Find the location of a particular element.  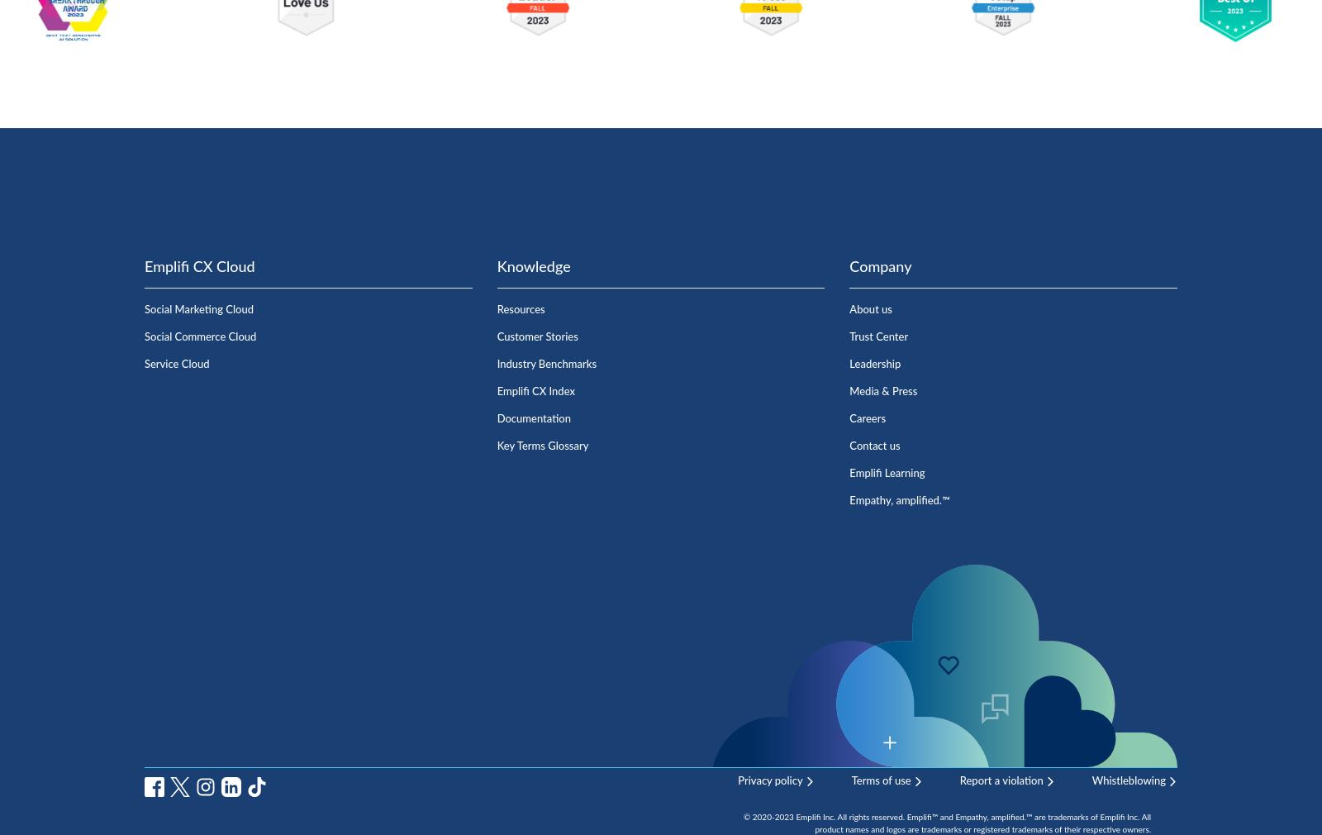

'Privacy policy' is located at coordinates (736, 780).